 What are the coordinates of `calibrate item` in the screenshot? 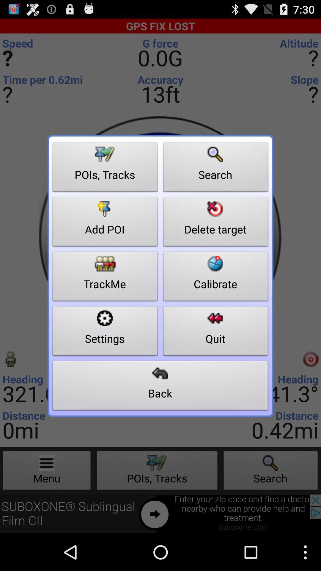 It's located at (215, 277).